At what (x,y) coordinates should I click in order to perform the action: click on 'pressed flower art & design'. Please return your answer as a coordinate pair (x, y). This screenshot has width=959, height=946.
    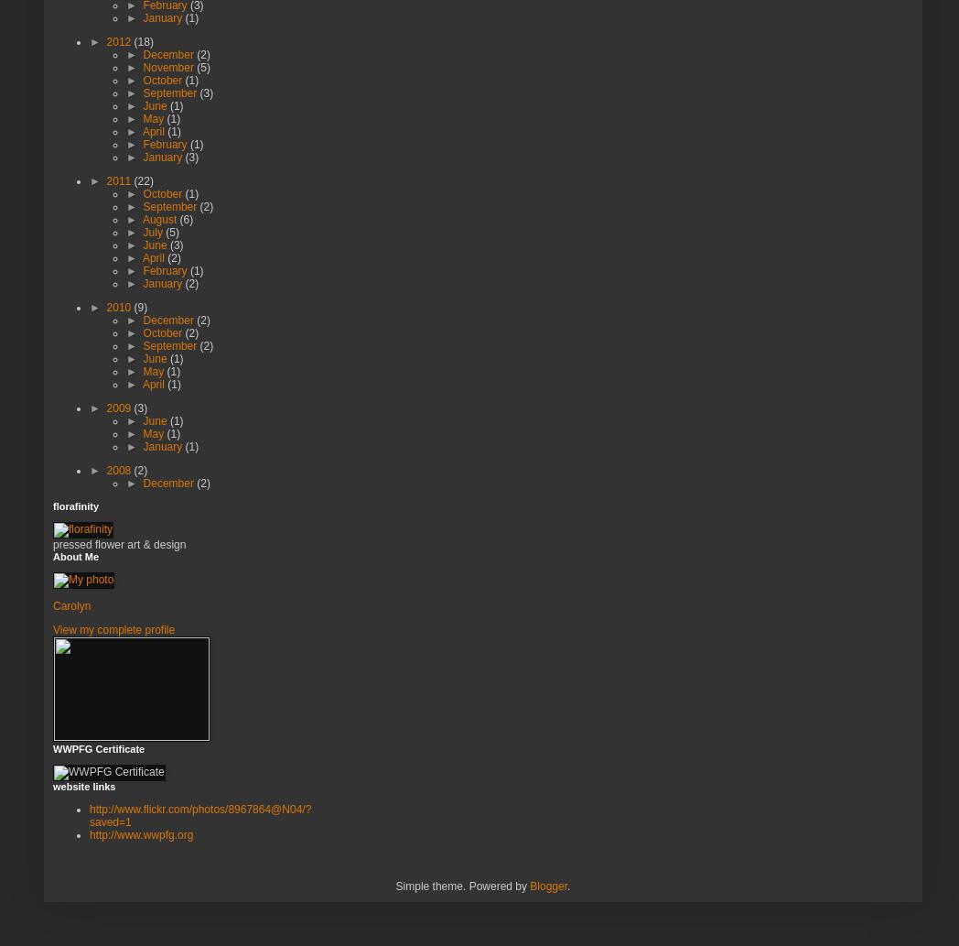
    Looking at the image, I should click on (118, 542).